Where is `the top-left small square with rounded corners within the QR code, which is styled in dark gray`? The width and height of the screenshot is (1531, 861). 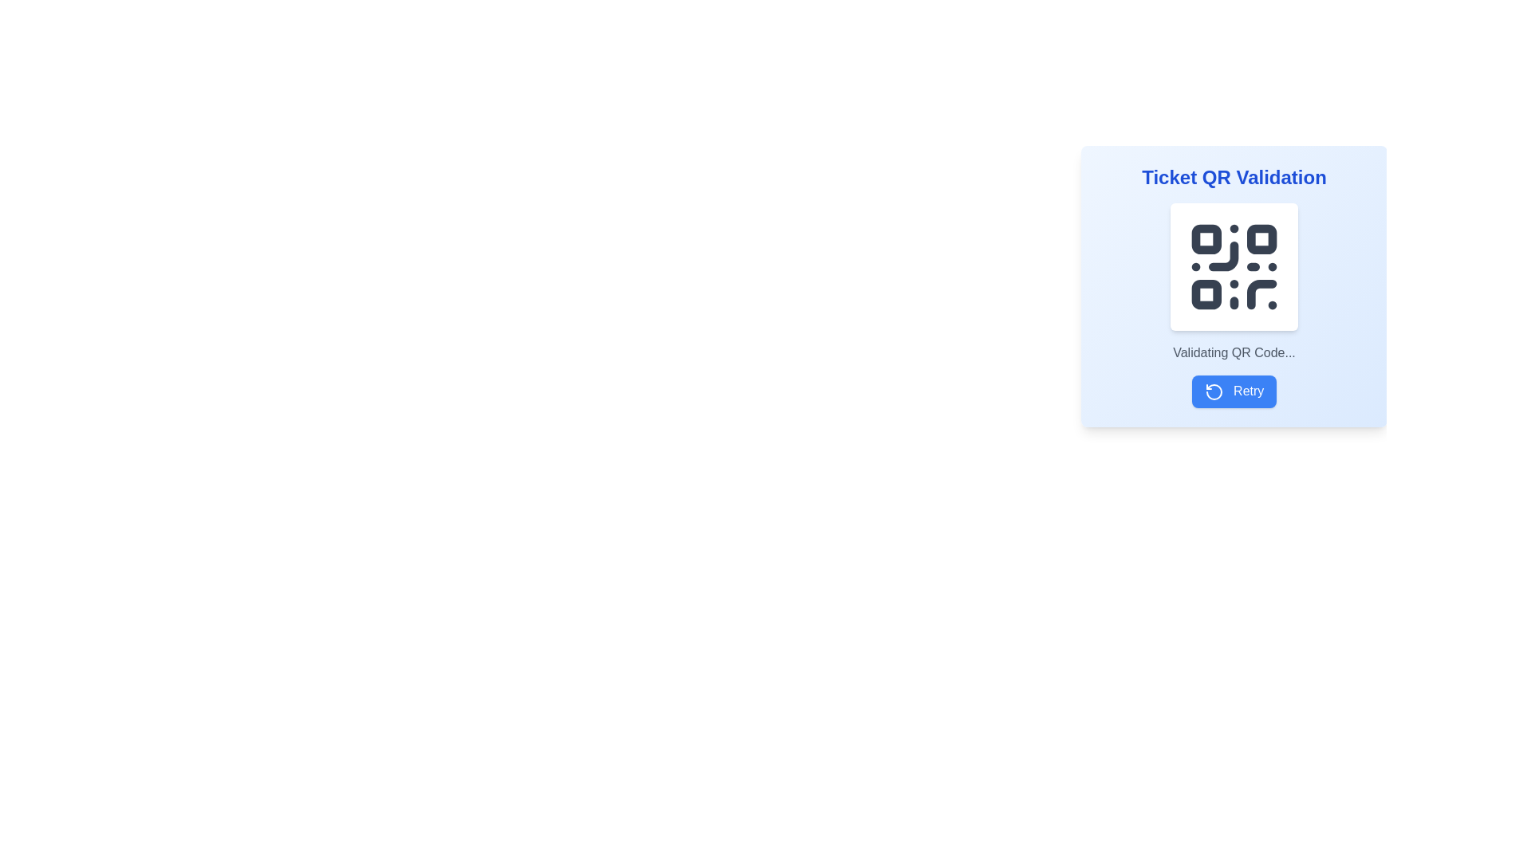
the top-left small square with rounded corners within the QR code, which is styled in dark gray is located at coordinates (1206, 239).